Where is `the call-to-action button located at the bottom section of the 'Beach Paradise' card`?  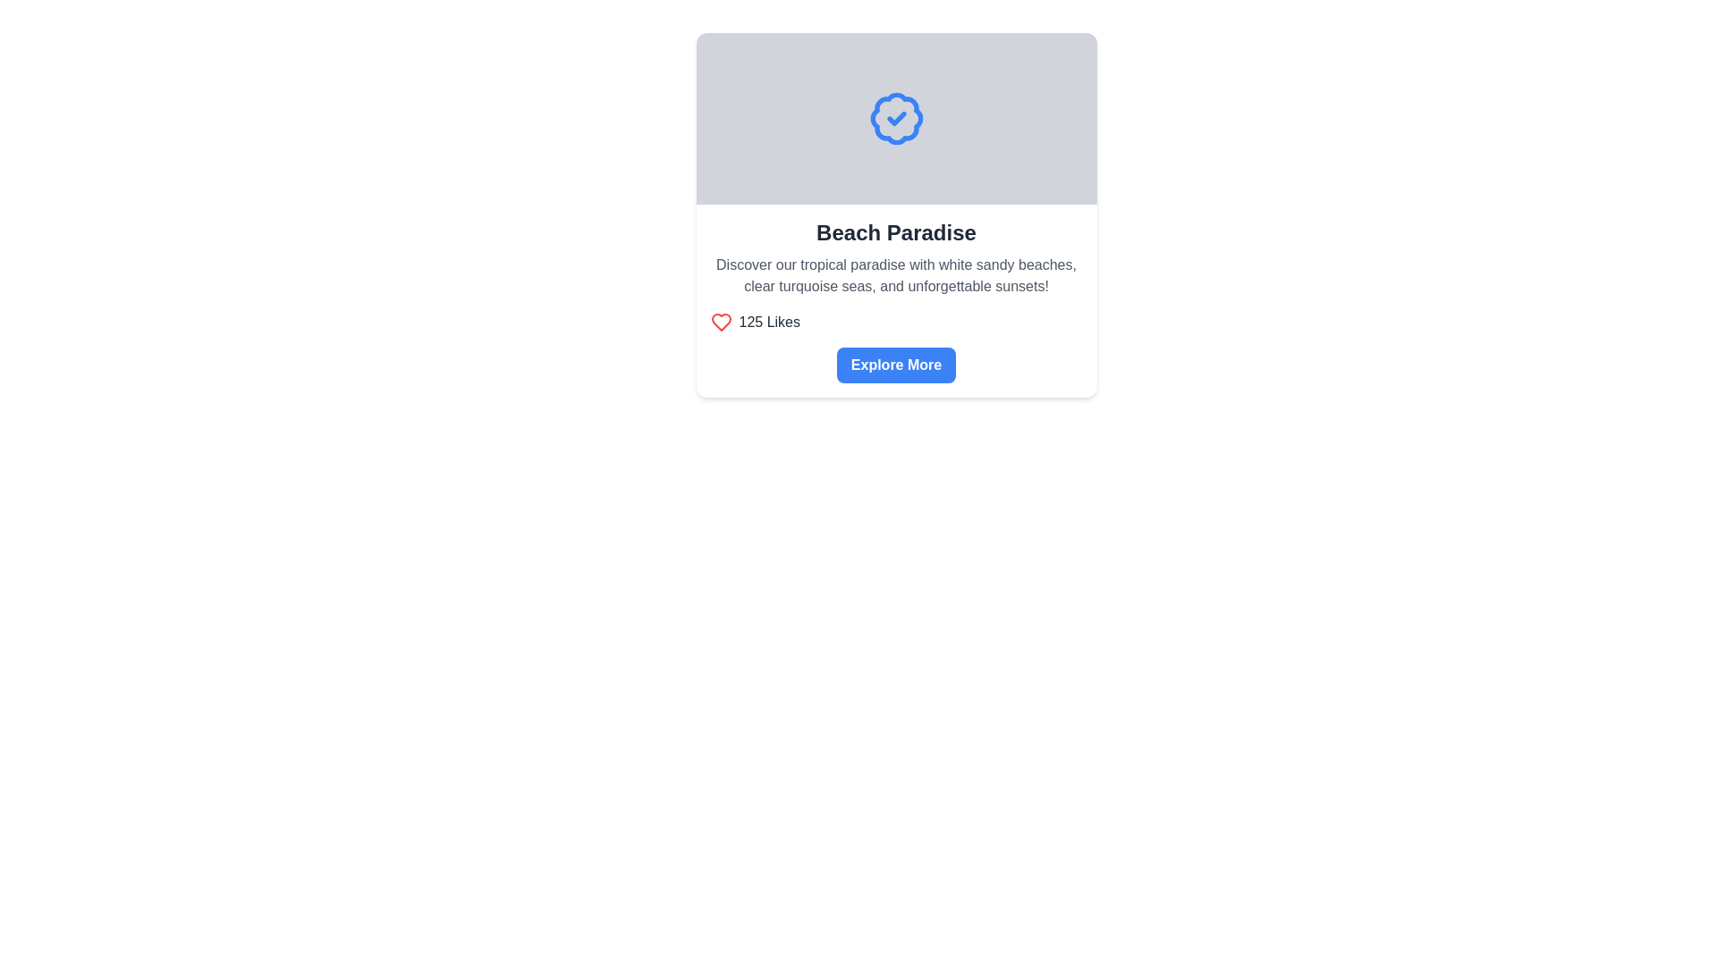
the call-to-action button located at the bottom section of the 'Beach Paradise' card is located at coordinates (896, 364).